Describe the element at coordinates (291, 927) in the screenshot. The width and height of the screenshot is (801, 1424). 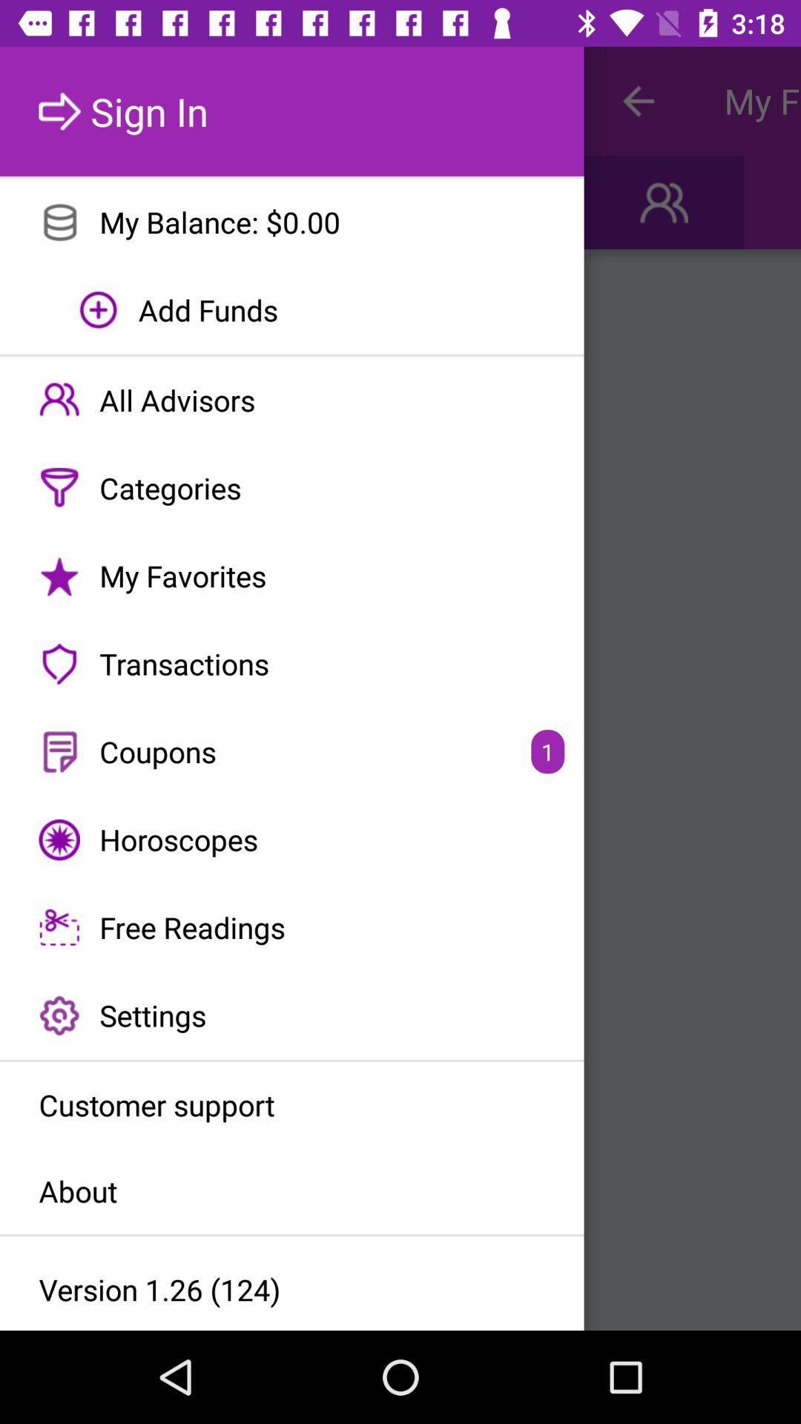
I see `the free readings` at that location.